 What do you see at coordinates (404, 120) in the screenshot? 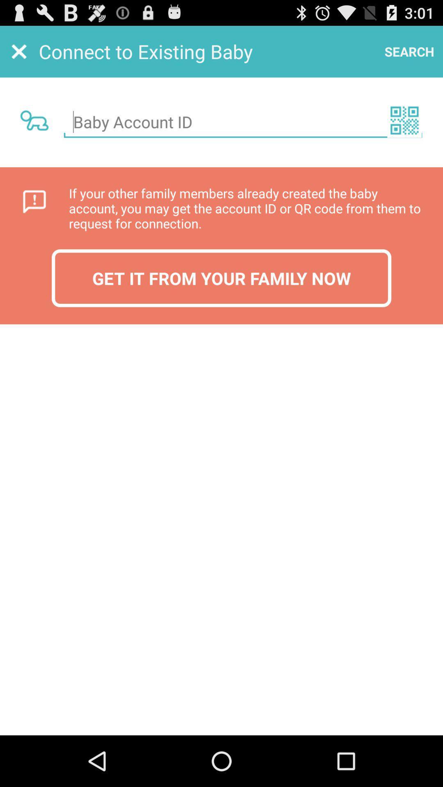
I see `check the or code` at bounding box center [404, 120].